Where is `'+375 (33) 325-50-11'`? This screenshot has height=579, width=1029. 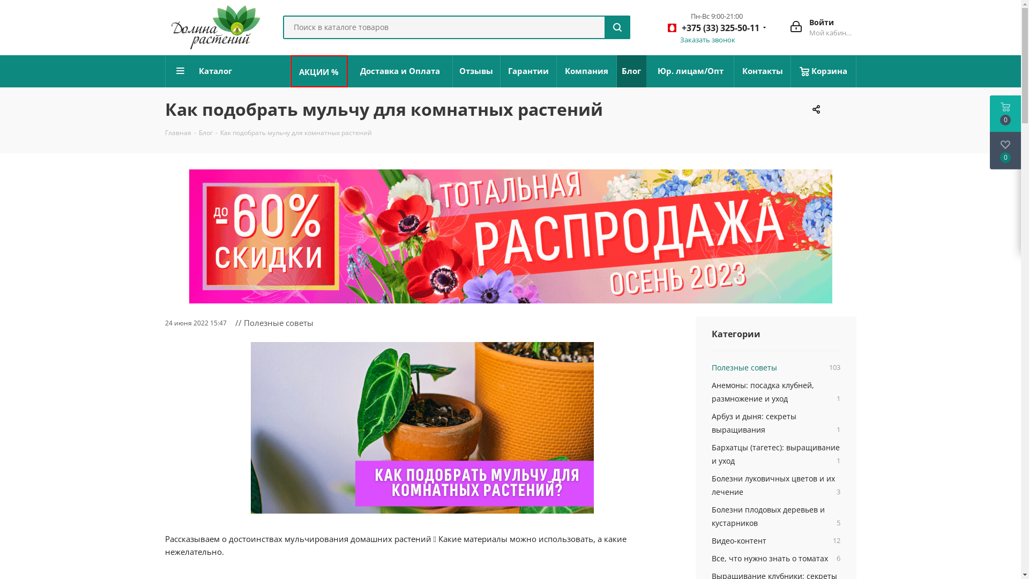 '+375 (33) 325-50-11' is located at coordinates (713, 29).